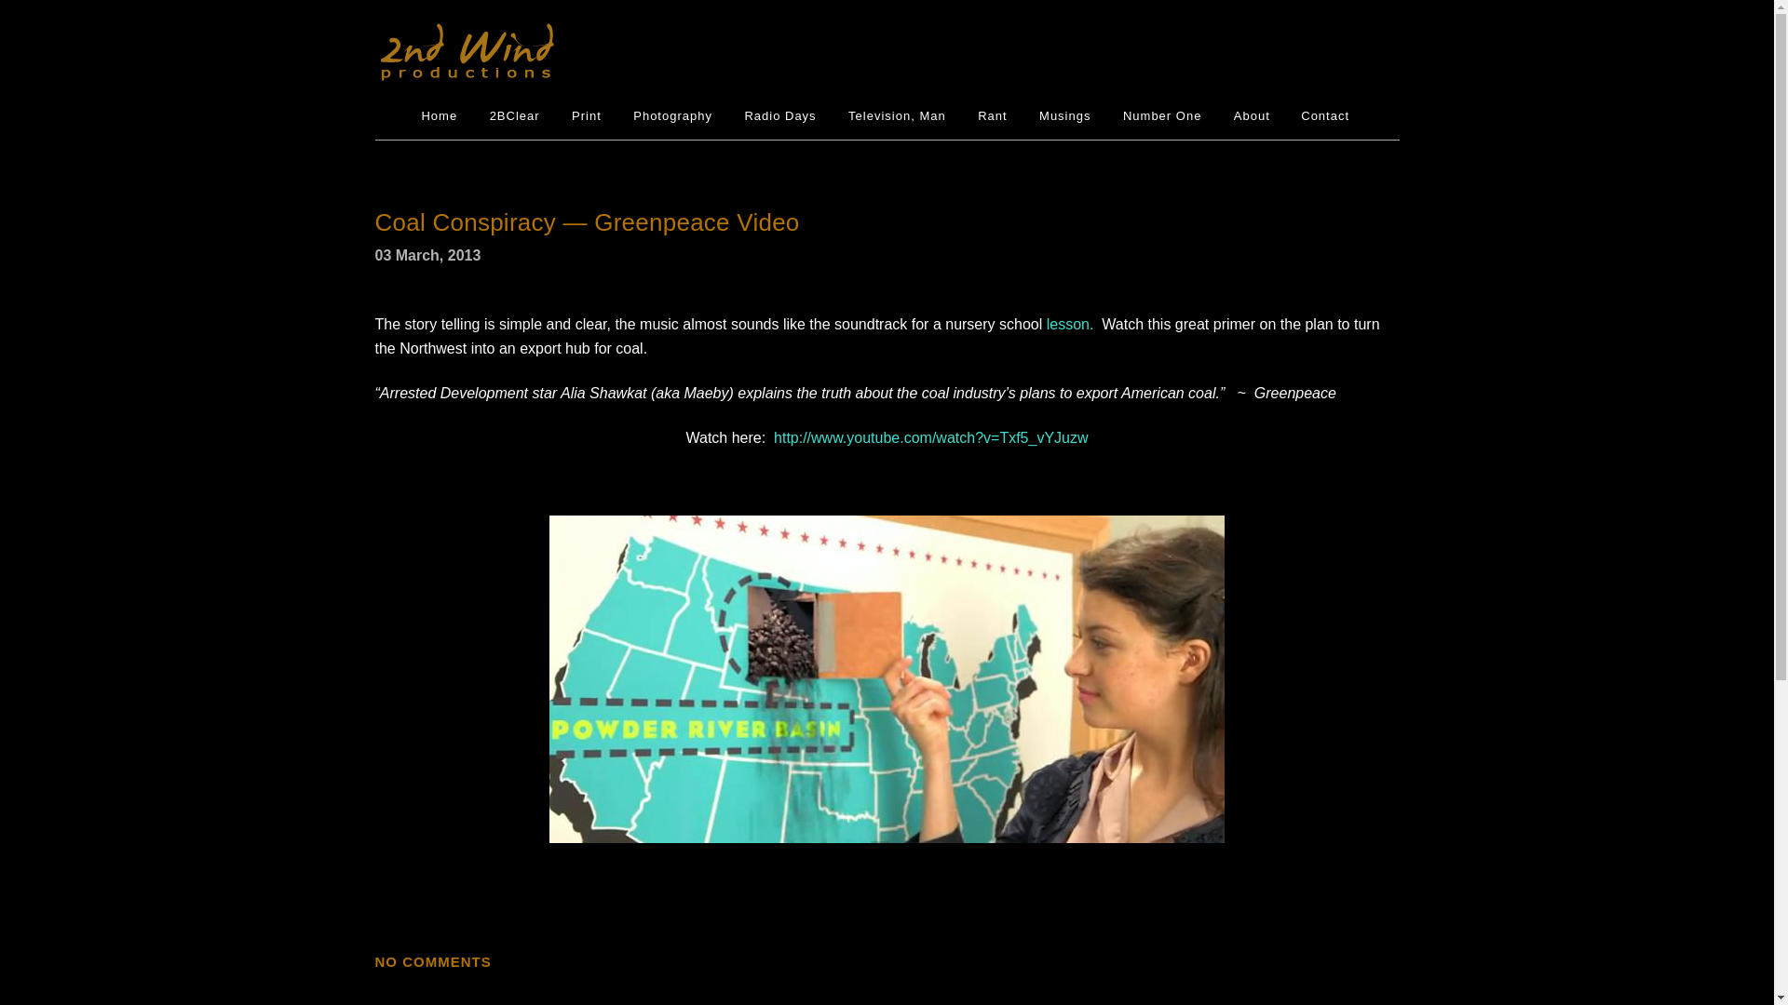 The height and width of the screenshot is (1005, 1788). What do you see at coordinates (671, 115) in the screenshot?
I see `'Photography'` at bounding box center [671, 115].